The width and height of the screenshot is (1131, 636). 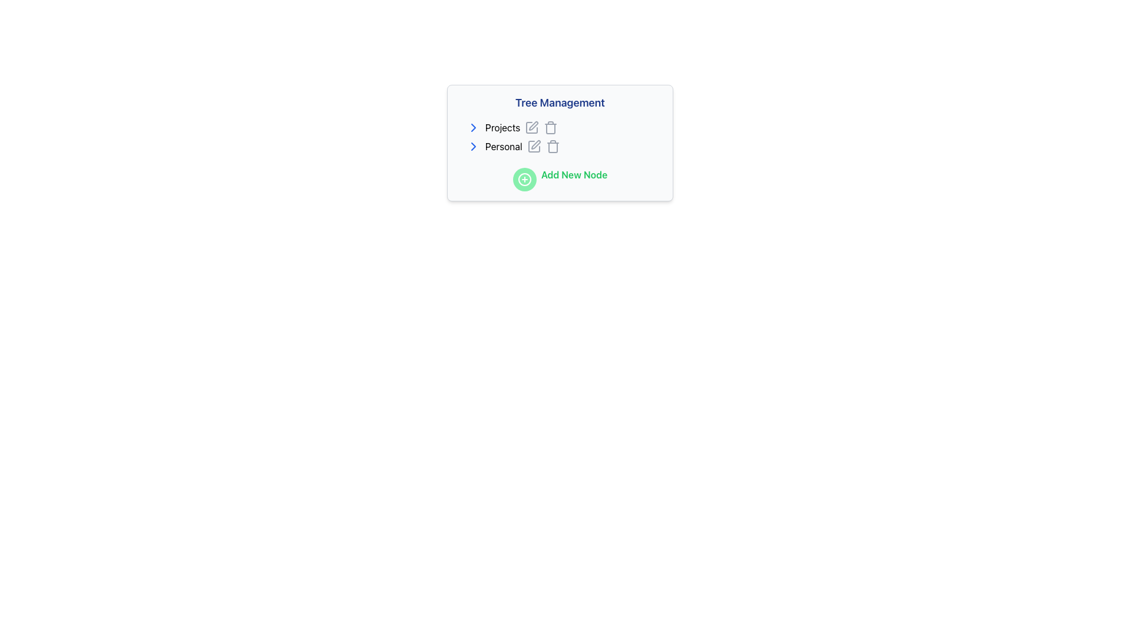 I want to click on the delete icon located to the right of the 'Projects' text in the tree management interface to initiate the deletion action, so click(x=550, y=127).